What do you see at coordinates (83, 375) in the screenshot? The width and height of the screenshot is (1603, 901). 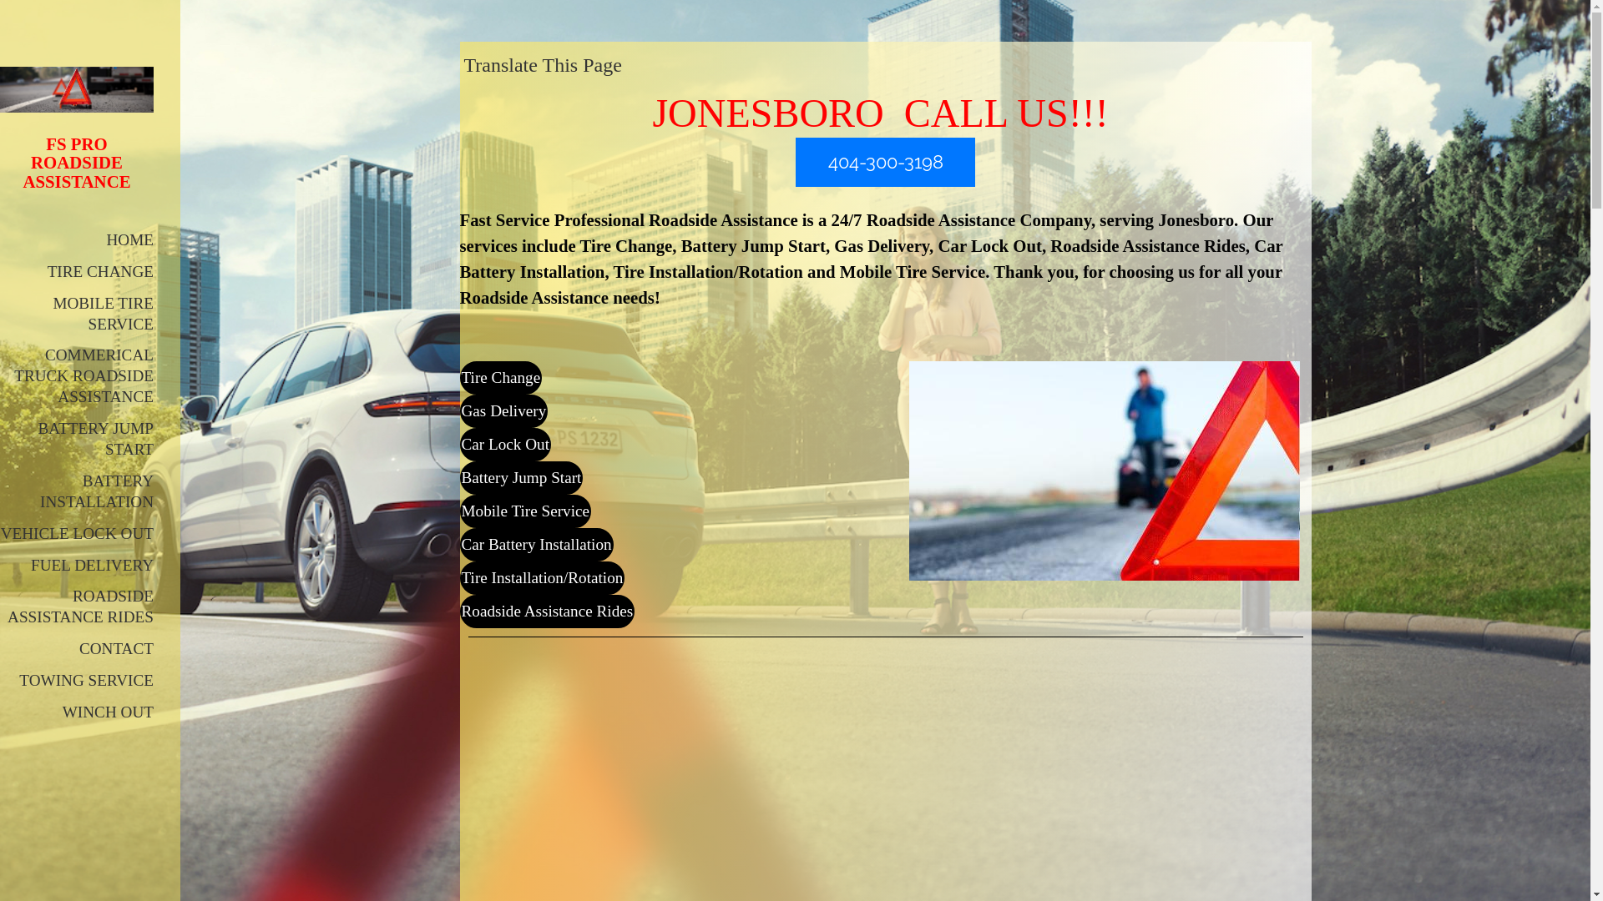 I see `'COMMERICAL TRUCK ROADSIDE ASSISTANCE'` at bounding box center [83, 375].